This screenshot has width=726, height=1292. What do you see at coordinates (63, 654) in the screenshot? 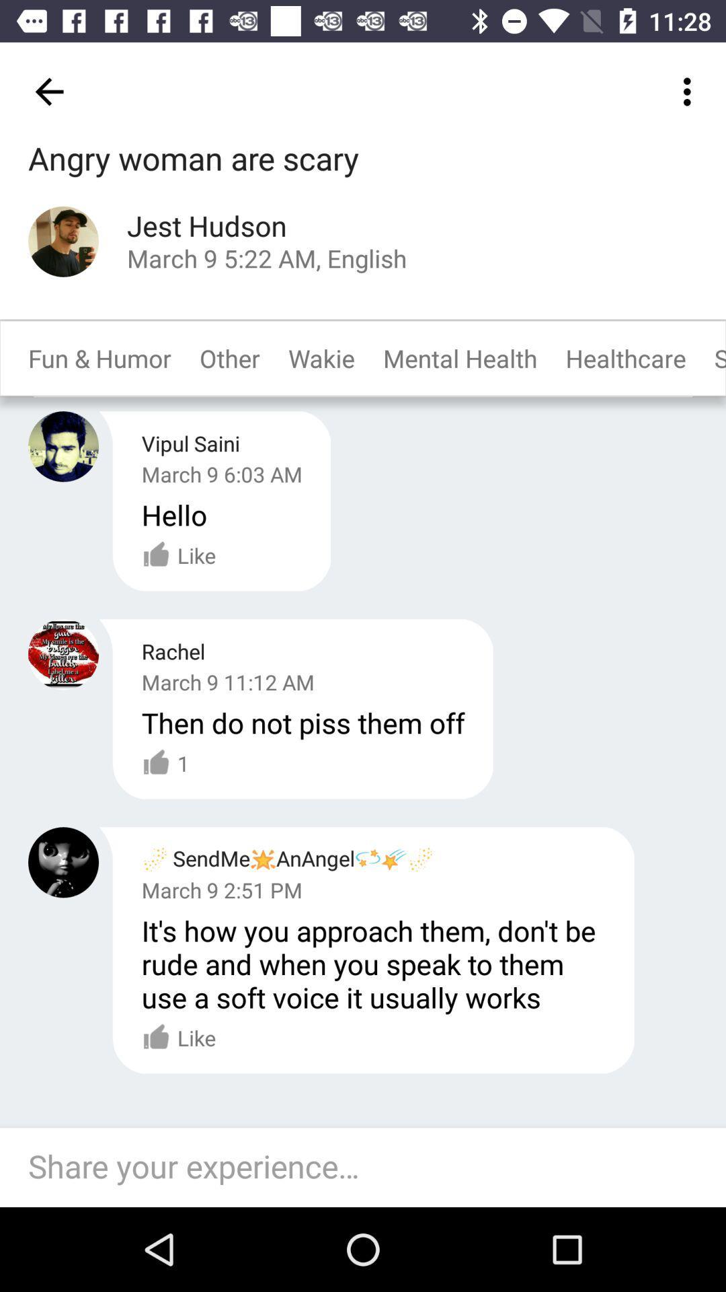
I see `user` at bounding box center [63, 654].